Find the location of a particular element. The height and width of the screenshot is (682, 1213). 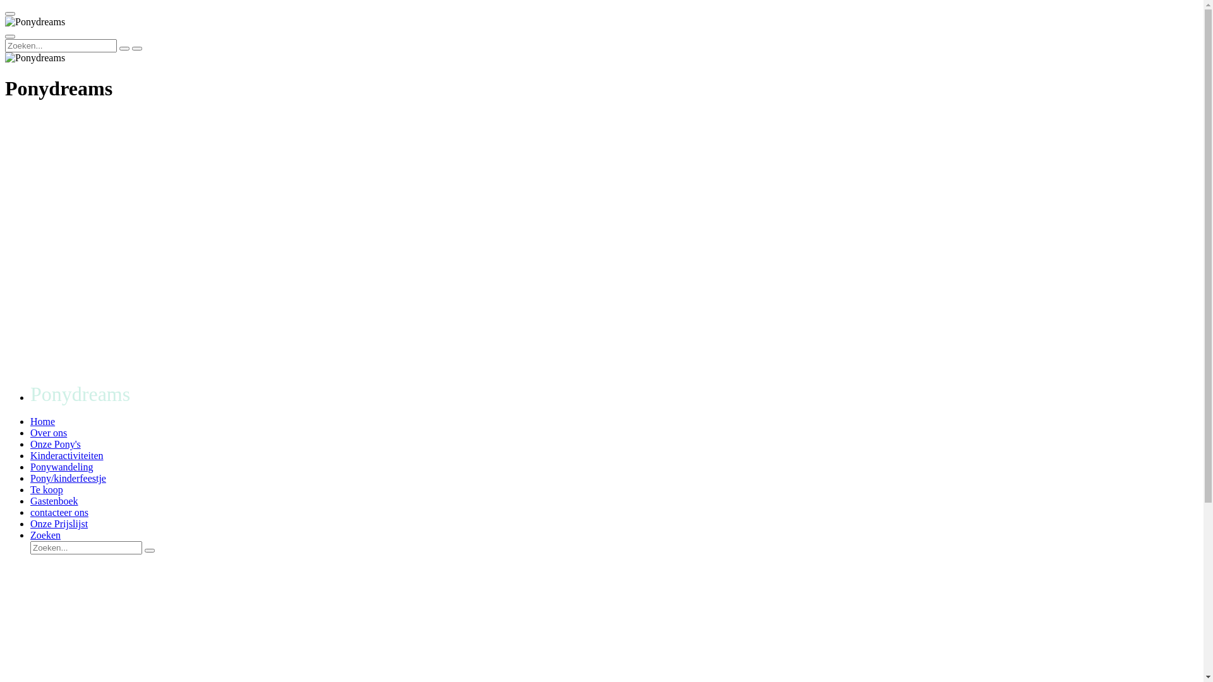

'Ponydreams' is located at coordinates (35, 58).